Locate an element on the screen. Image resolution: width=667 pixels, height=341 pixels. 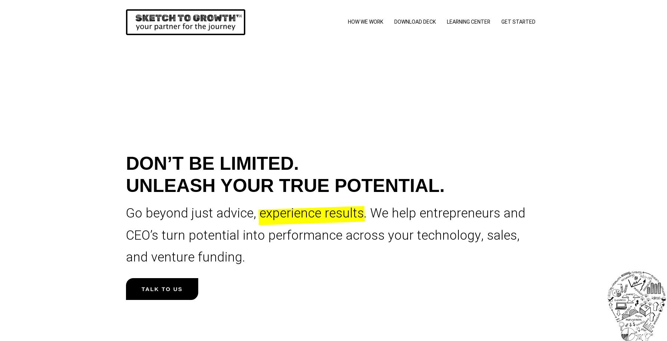
'How We Work' is located at coordinates (348, 22).